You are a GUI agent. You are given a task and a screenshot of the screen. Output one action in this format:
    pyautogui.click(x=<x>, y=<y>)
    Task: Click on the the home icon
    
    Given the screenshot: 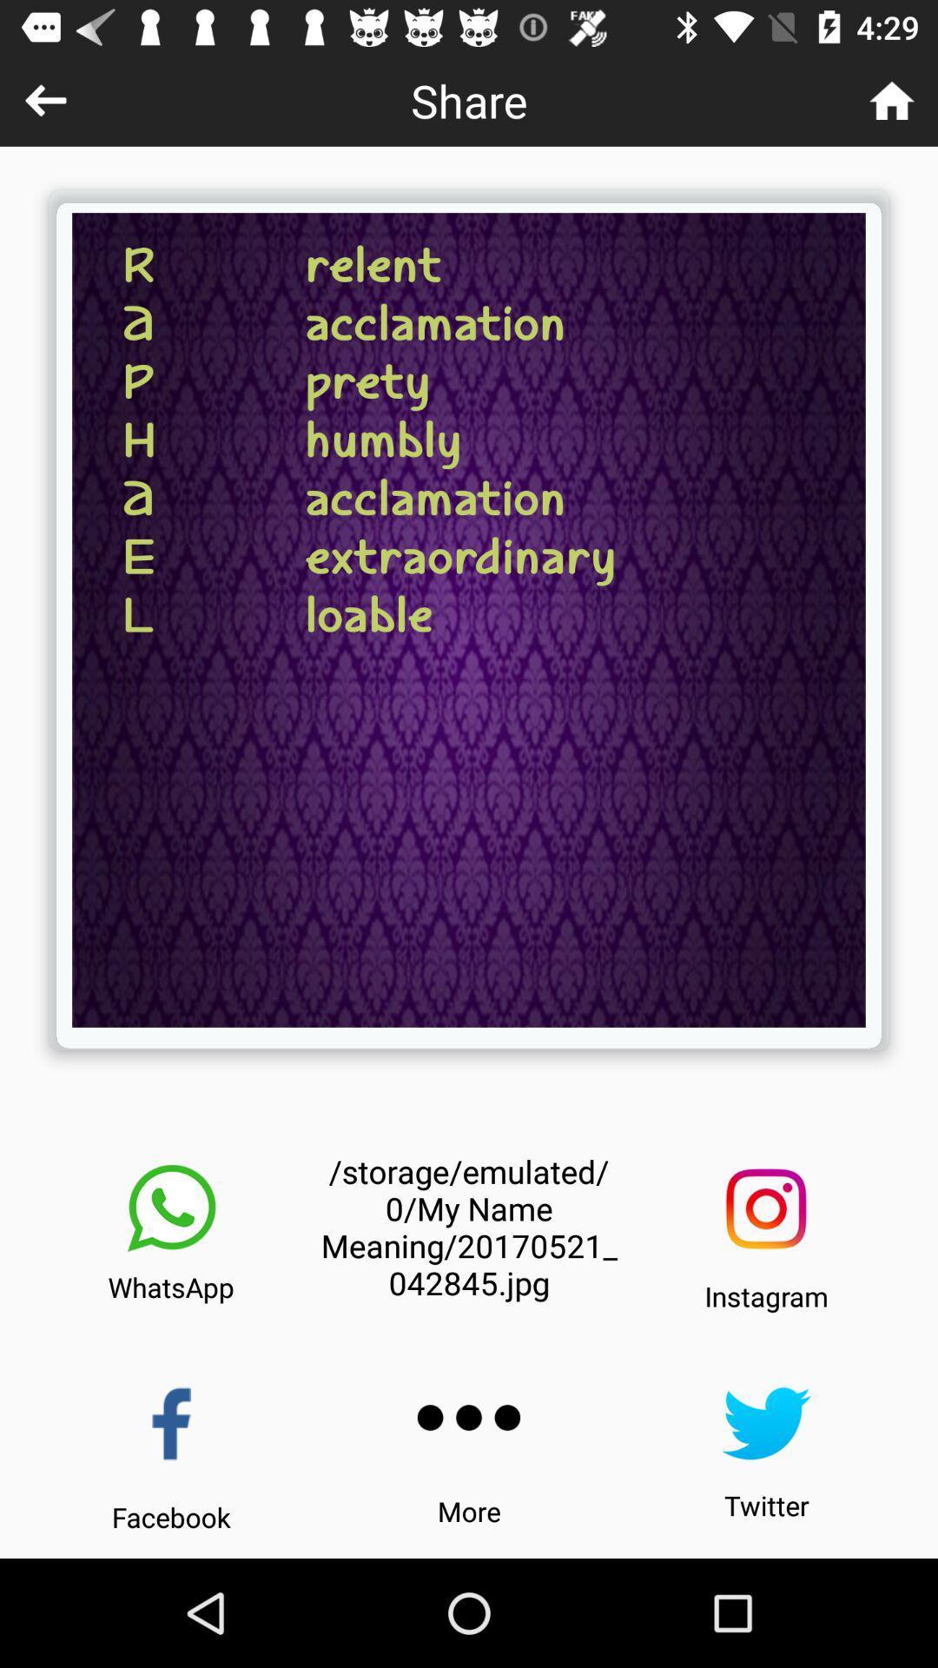 What is the action you would take?
    pyautogui.click(x=892, y=99)
    